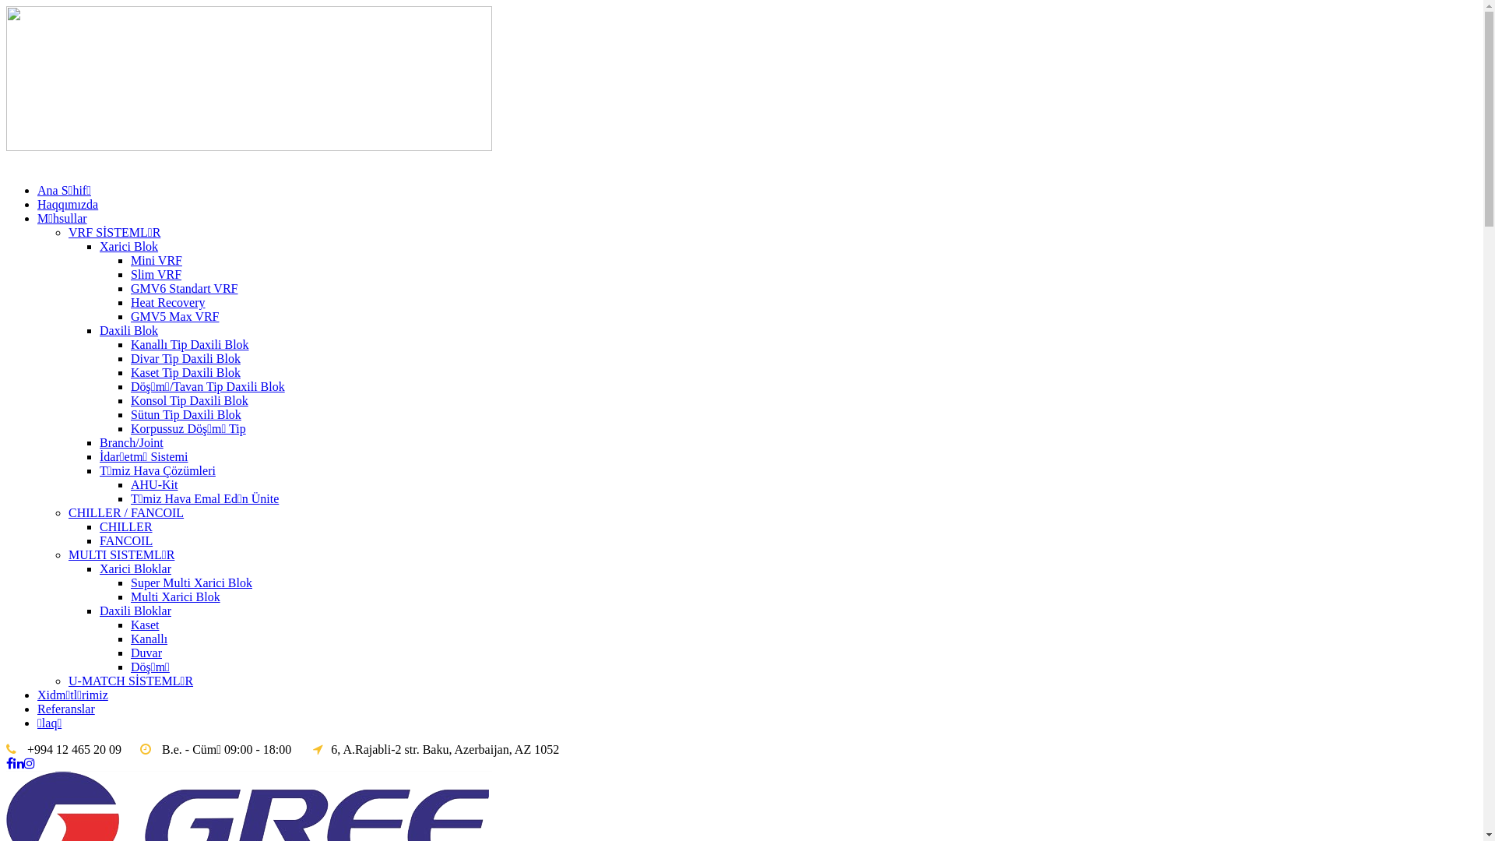  What do you see at coordinates (175, 596) in the screenshot?
I see `'Multi Xarici Blok'` at bounding box center [175, 596].